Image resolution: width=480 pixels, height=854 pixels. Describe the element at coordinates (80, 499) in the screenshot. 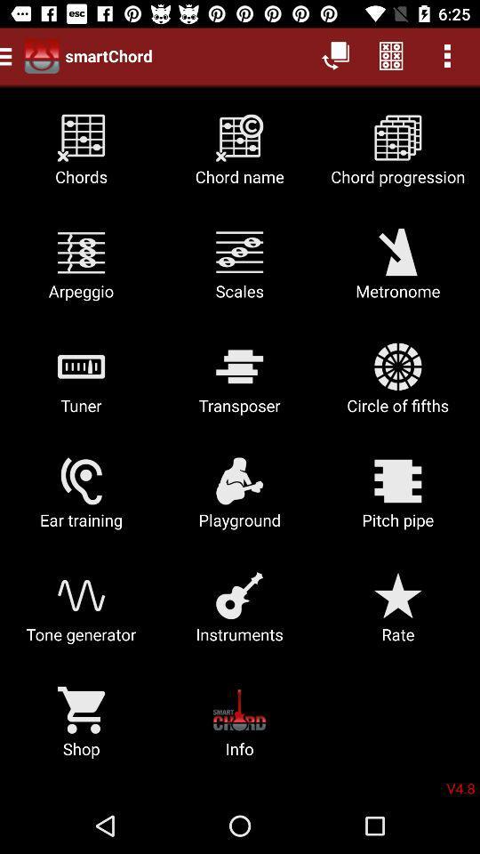

I see `the ear training` at that location.